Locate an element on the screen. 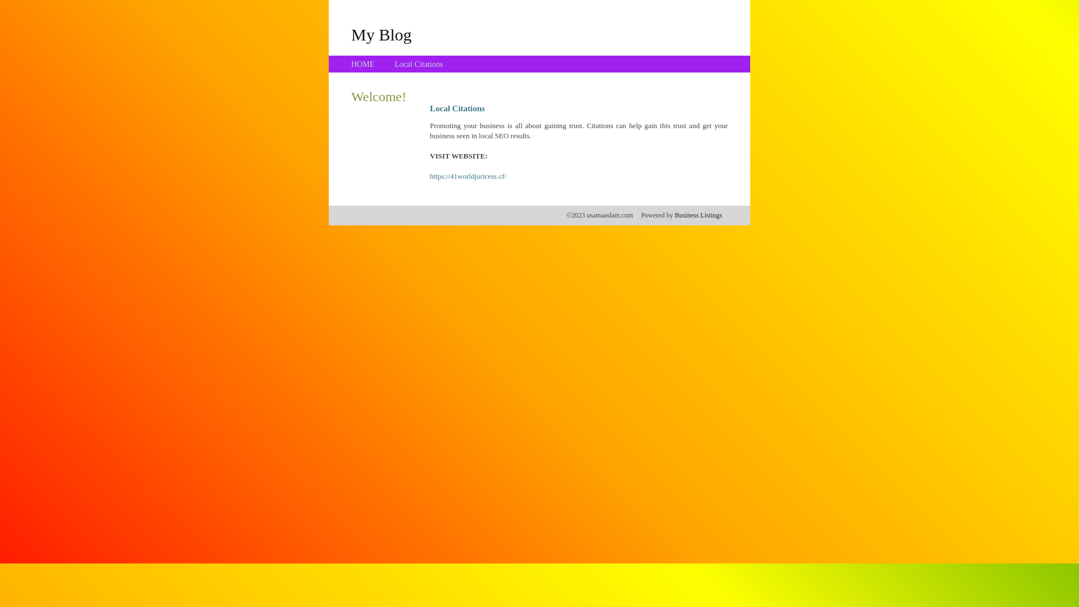 This screenshot has width=1079, height=607. 'My Blog' is located at coordinates (381, 34).